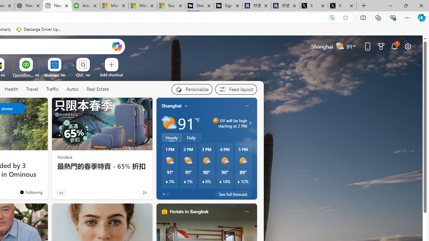  I want to click on 'You', so click(30, 192).